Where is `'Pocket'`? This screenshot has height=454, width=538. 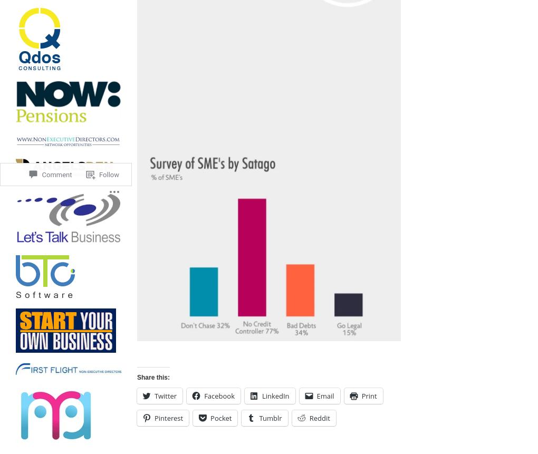
'Pocket' is located at coordinates (221, 418).